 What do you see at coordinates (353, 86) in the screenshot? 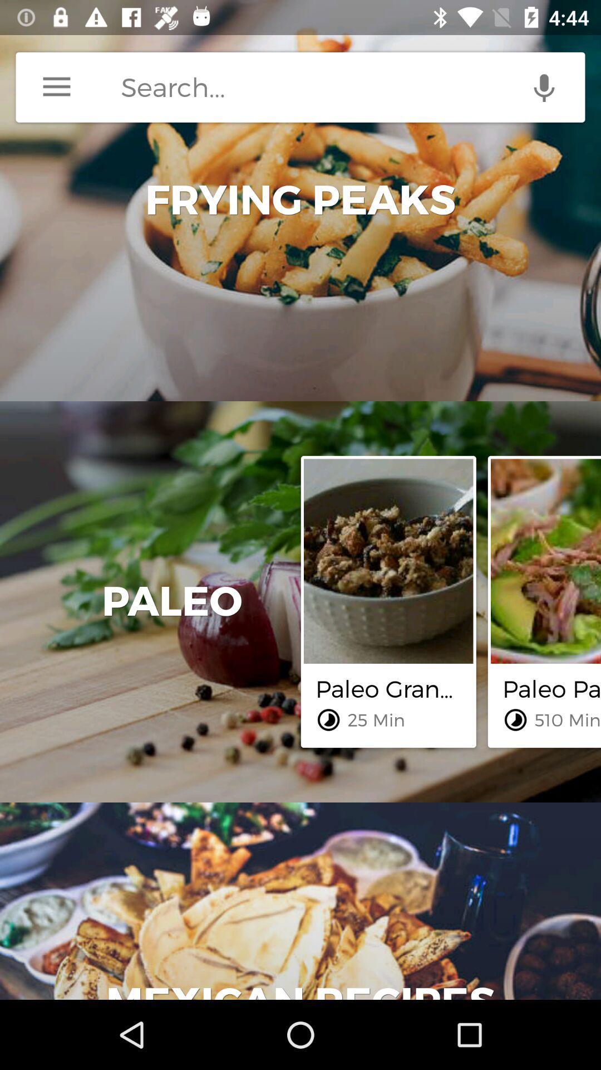
I see `search` at bounding box center [353, 86].